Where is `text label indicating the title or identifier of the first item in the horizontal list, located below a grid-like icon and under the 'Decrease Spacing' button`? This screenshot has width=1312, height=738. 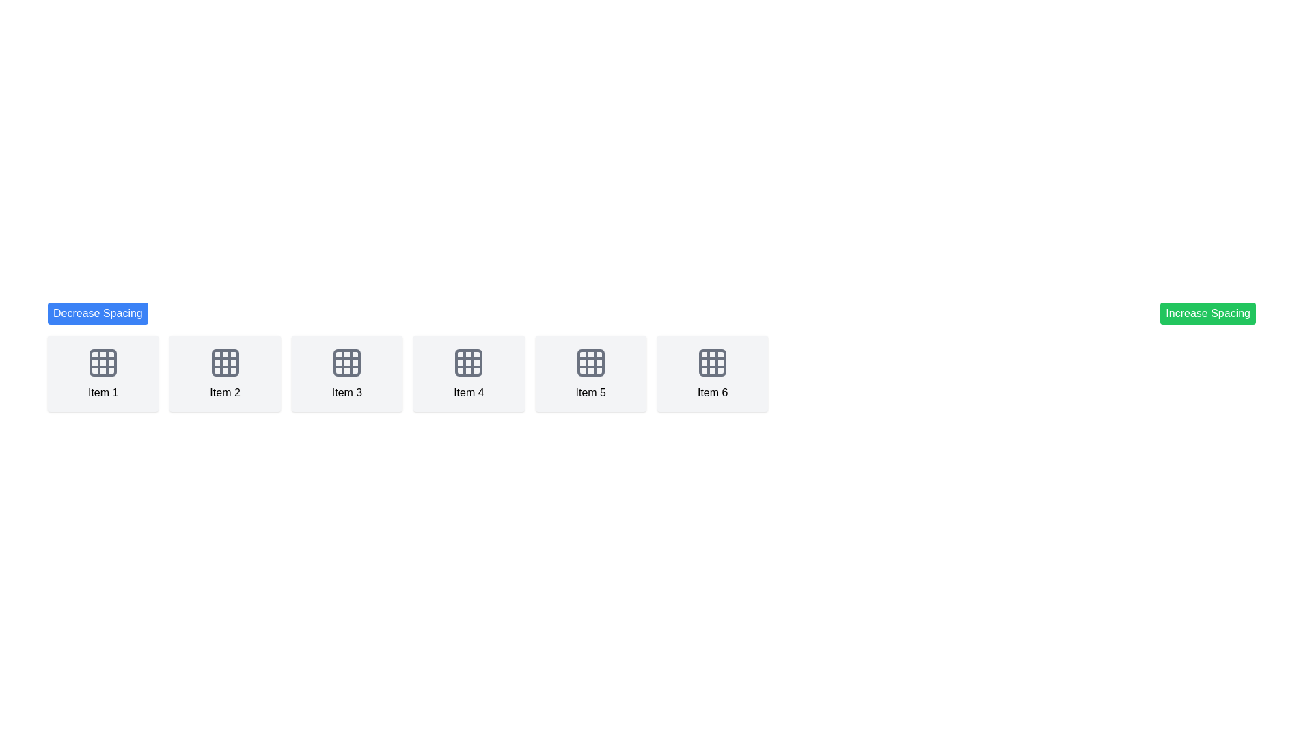 text label indicating the title or identifier of the first item in the horizontal list, located below a grid-like icon and under the 'Decrease Spacing' button is located at coordinates (102, 392).